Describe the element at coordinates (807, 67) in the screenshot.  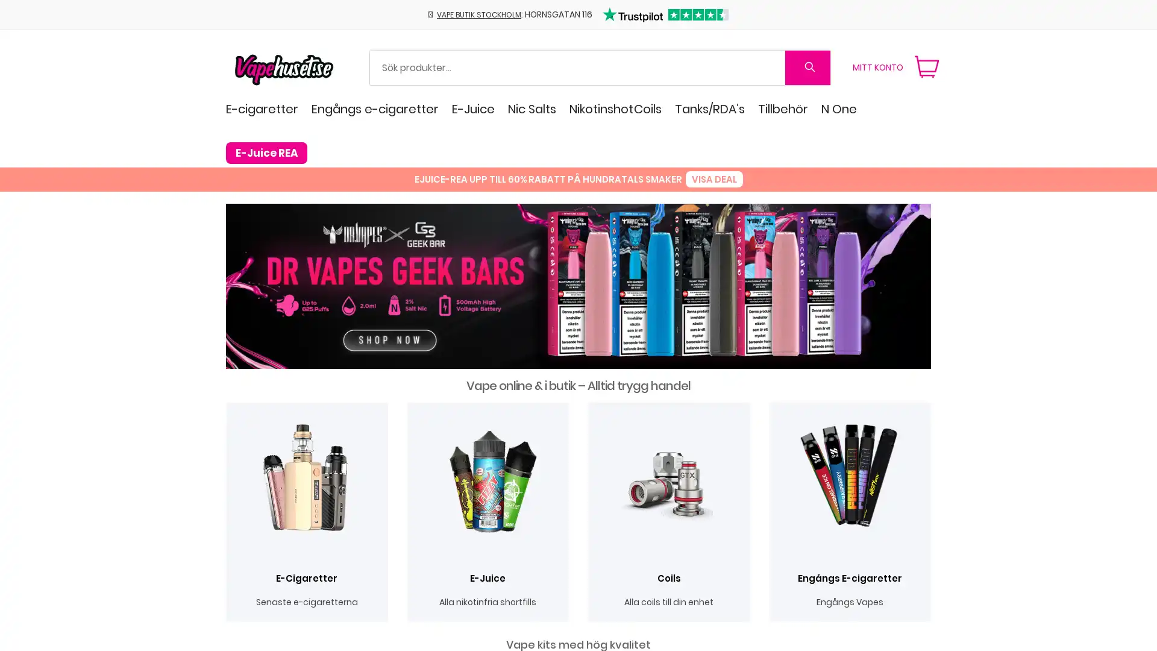
I see `Sok` at that location.